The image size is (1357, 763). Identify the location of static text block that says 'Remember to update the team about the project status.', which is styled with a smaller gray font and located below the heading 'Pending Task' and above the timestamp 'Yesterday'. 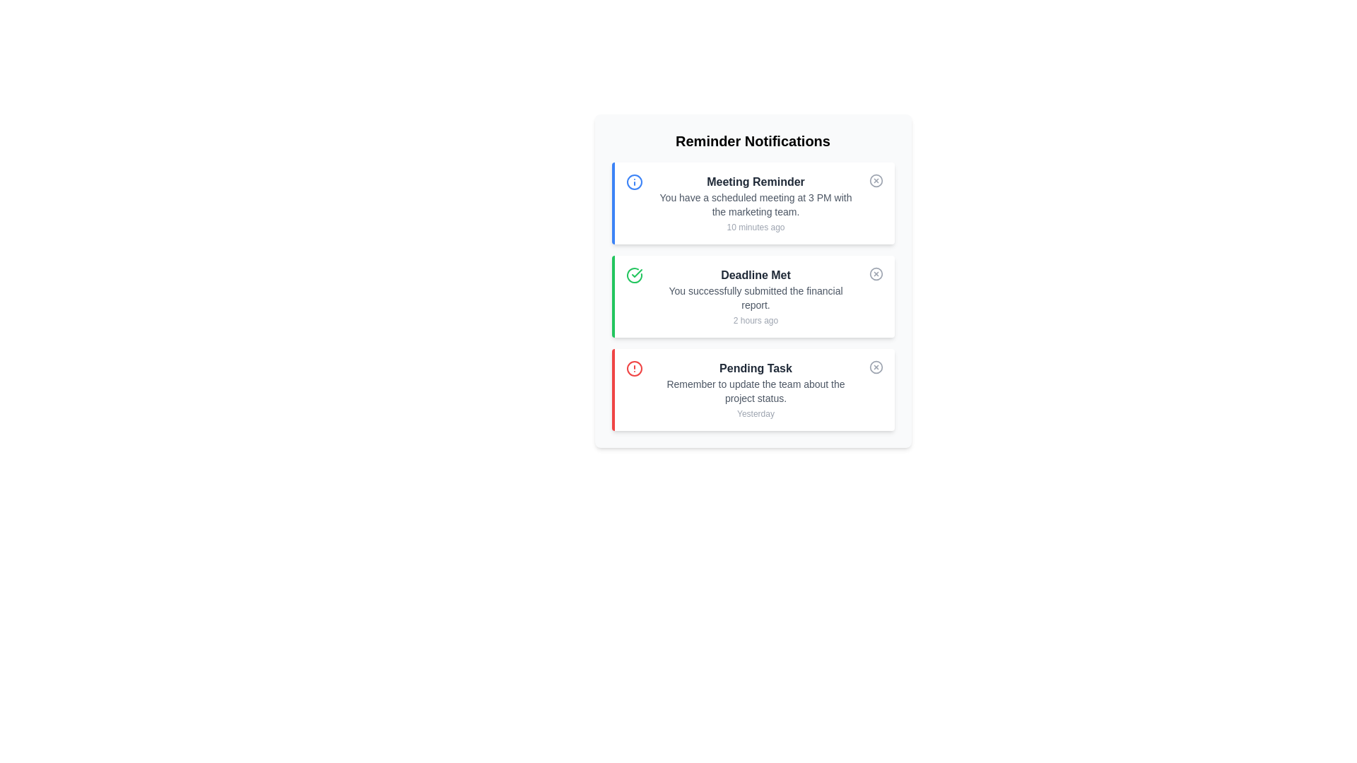
(755, 391).